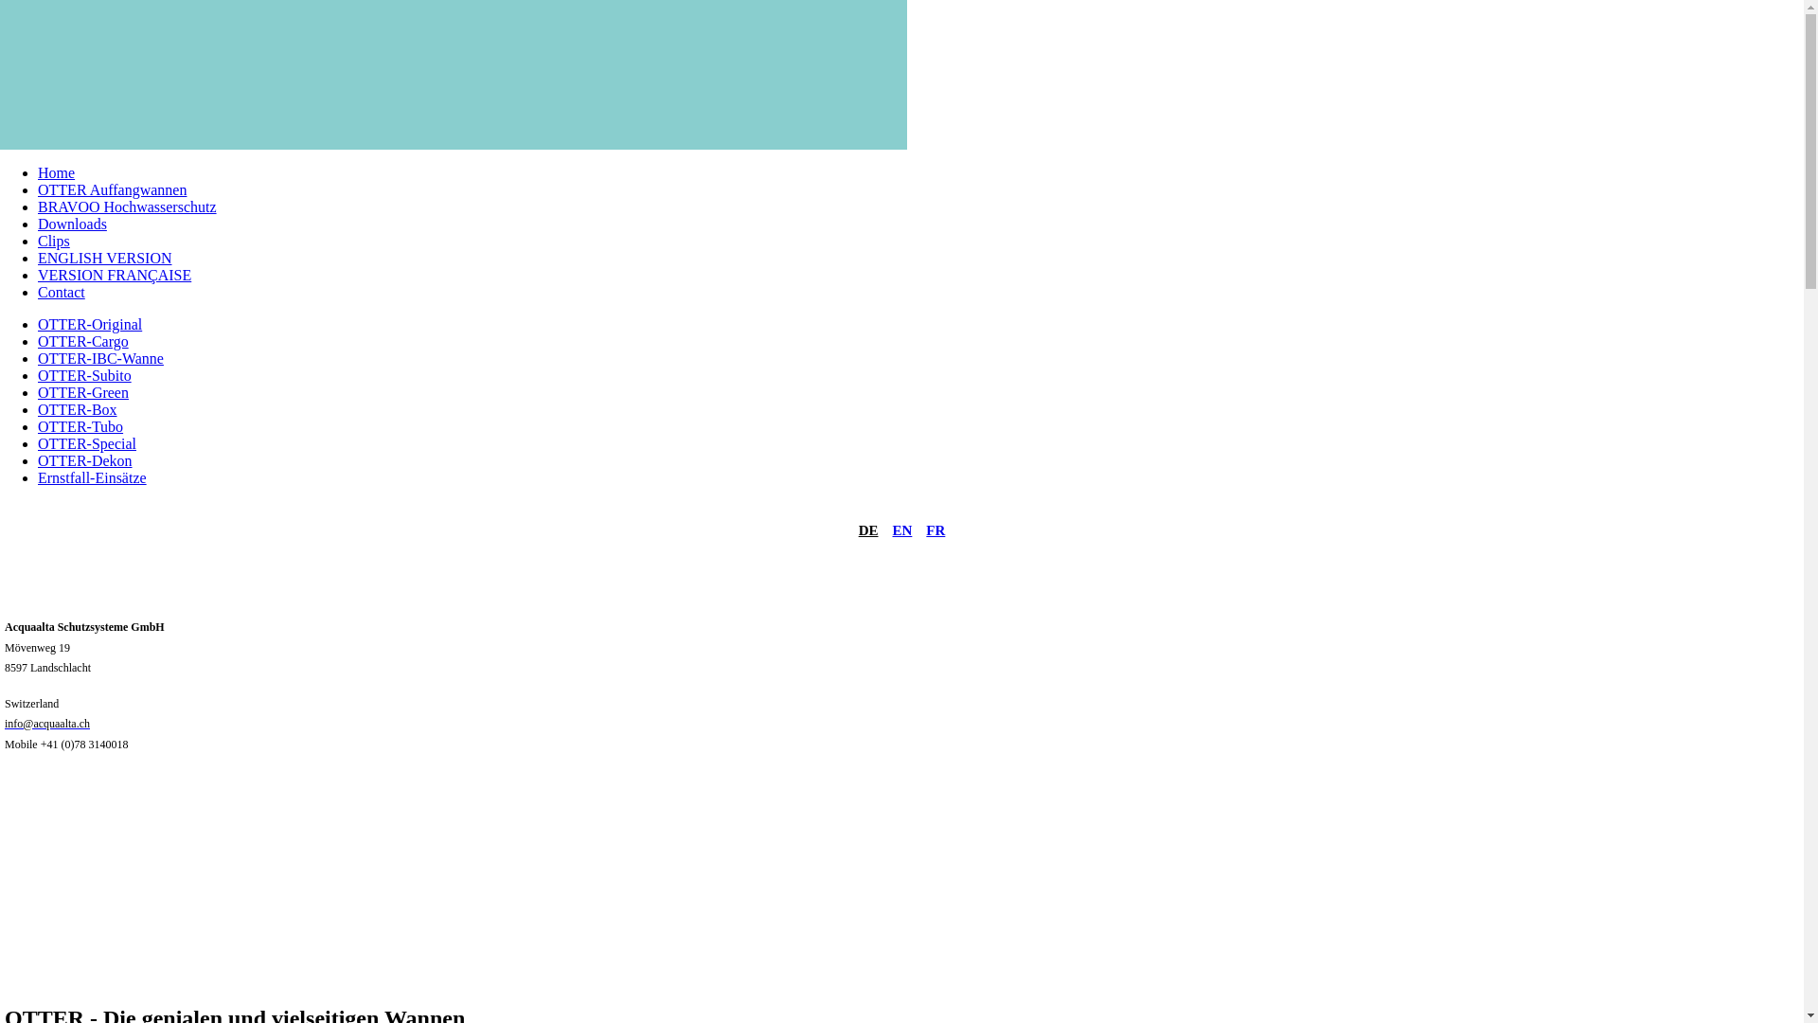 The height and width of the screenshot is (1023, 1818). What do you see at coordinates (89, 323) in the screenshot?
I see `'OTTER-Original'` at bounding box center [89, 323].